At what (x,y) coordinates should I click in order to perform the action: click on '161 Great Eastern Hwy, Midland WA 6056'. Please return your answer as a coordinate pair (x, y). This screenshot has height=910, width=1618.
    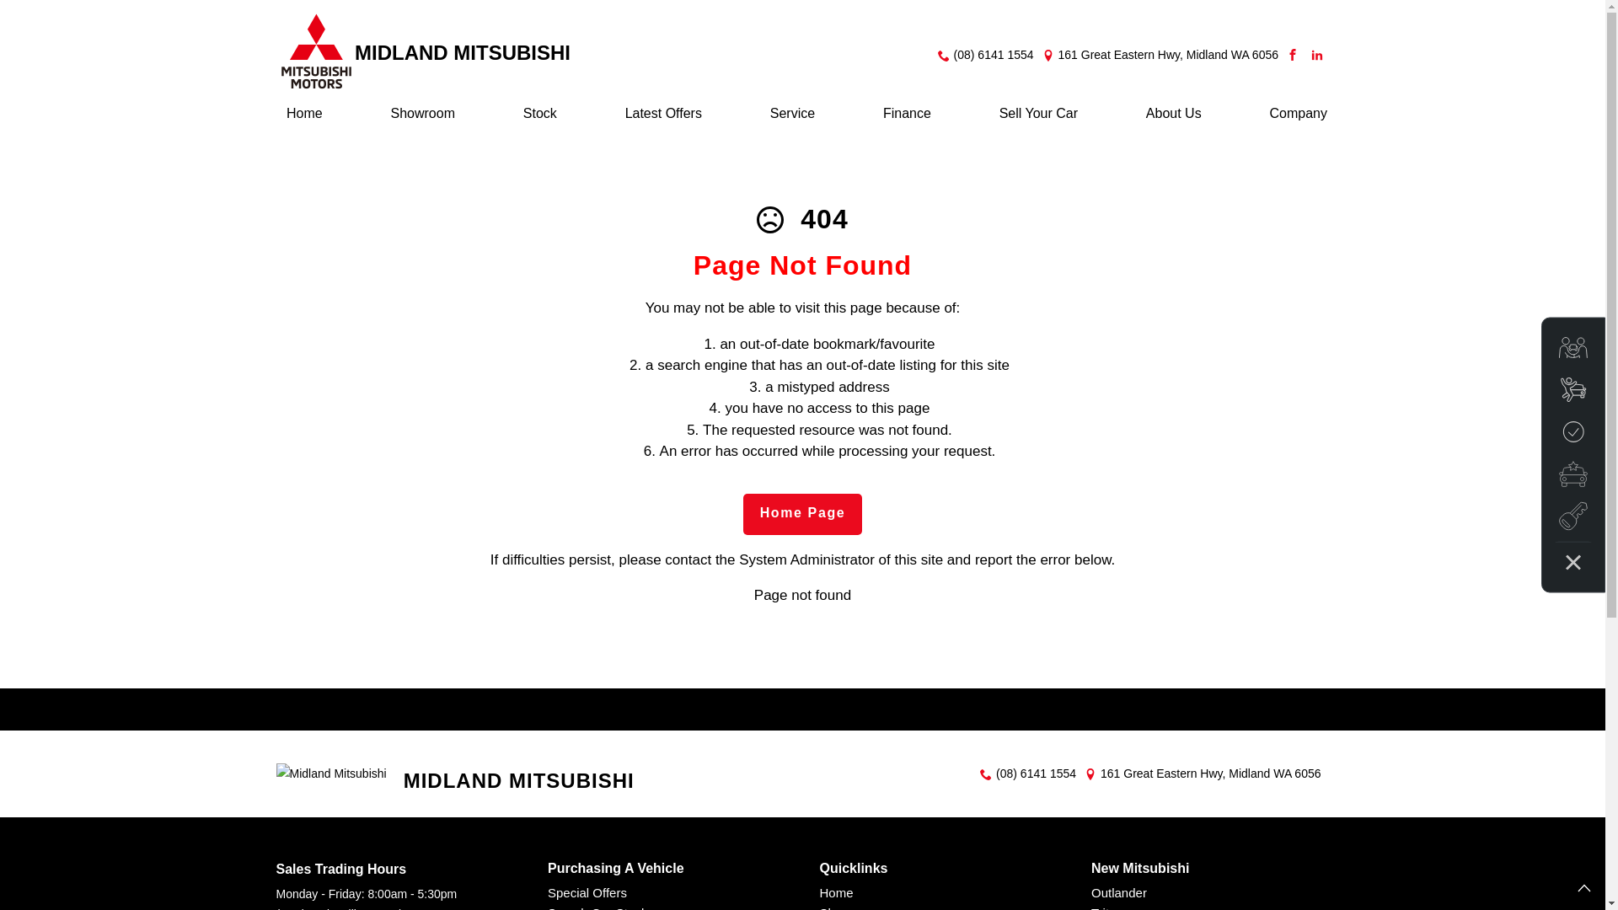
    Looking at the image, I should click on (1209, 773).